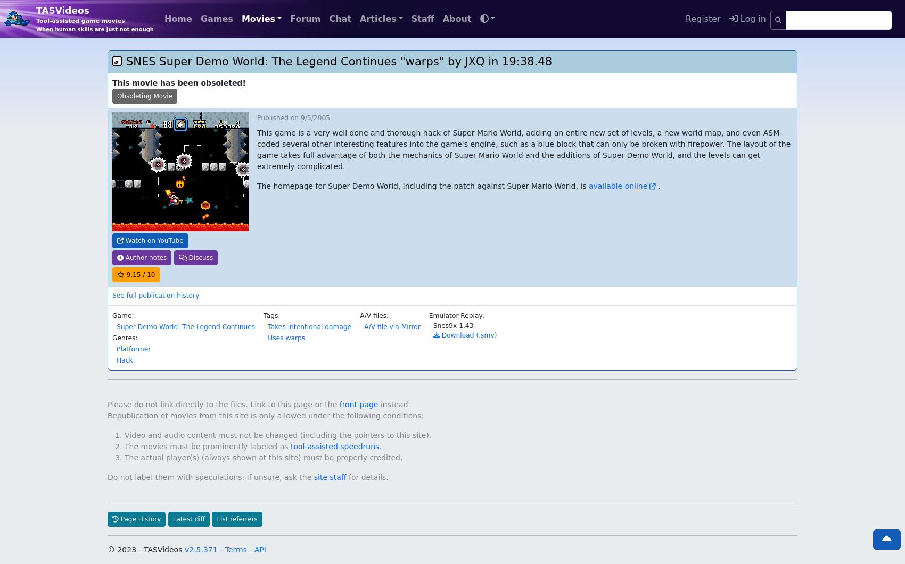  What do you see at coordinates (200, 526) in the screenshot?
I see `'v2.5.371'` at bounding box center [200, 526].